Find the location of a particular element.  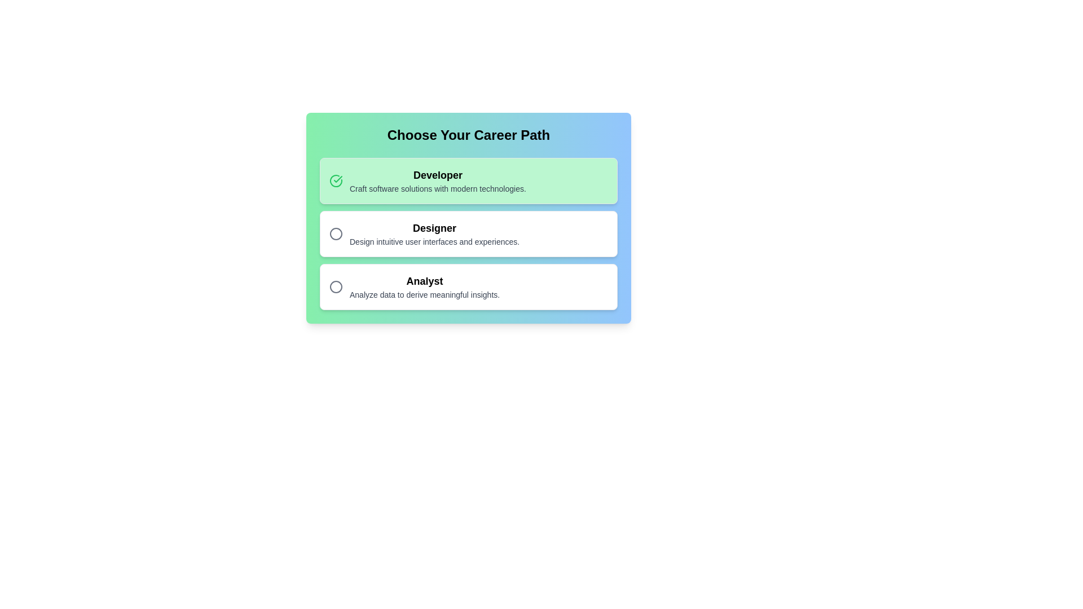

the circular icon within the 'Analyst' option item, which is located at the bottom of a vertically arranged group of similar items is located at coordinates (468, 286).